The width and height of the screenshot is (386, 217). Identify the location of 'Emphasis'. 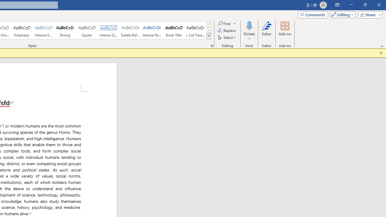
(21, 30).